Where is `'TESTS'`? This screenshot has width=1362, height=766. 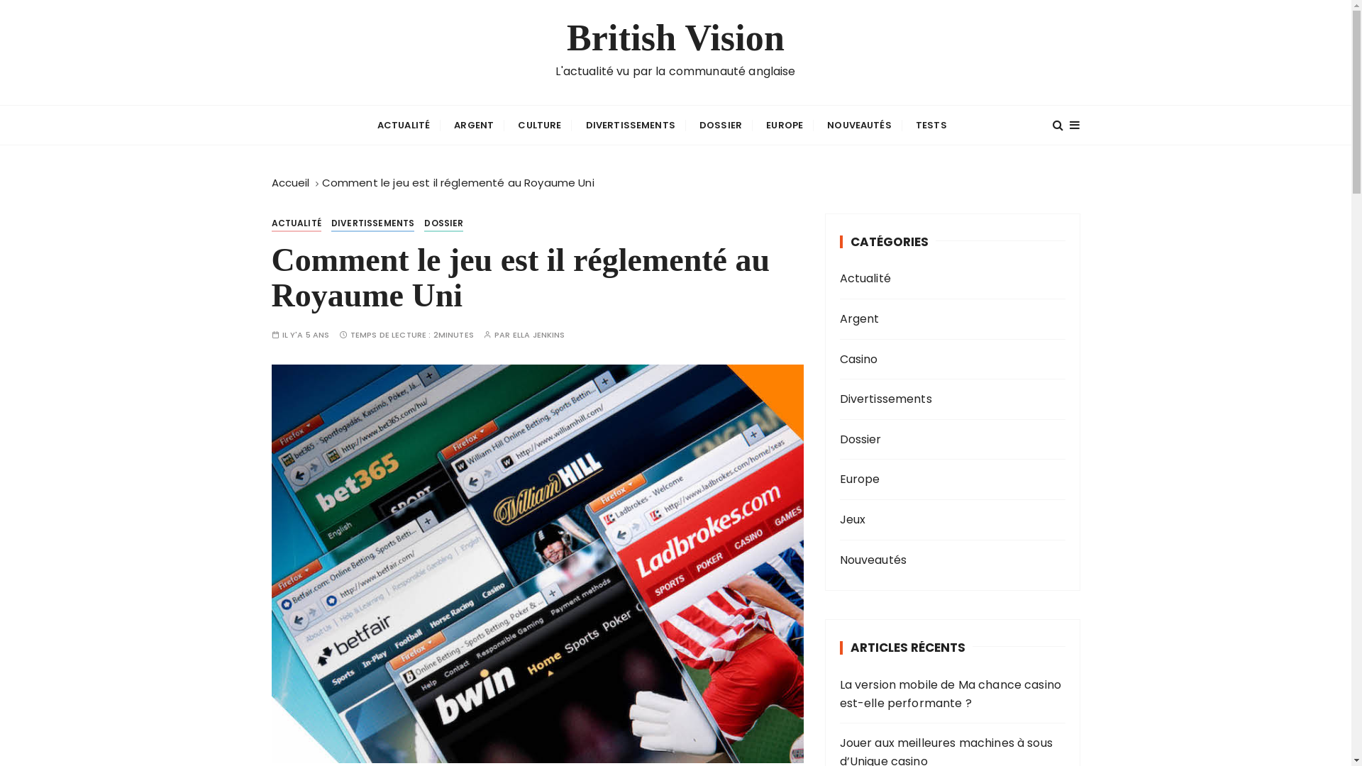 'TESTS' is located at coordinates (931, 124).